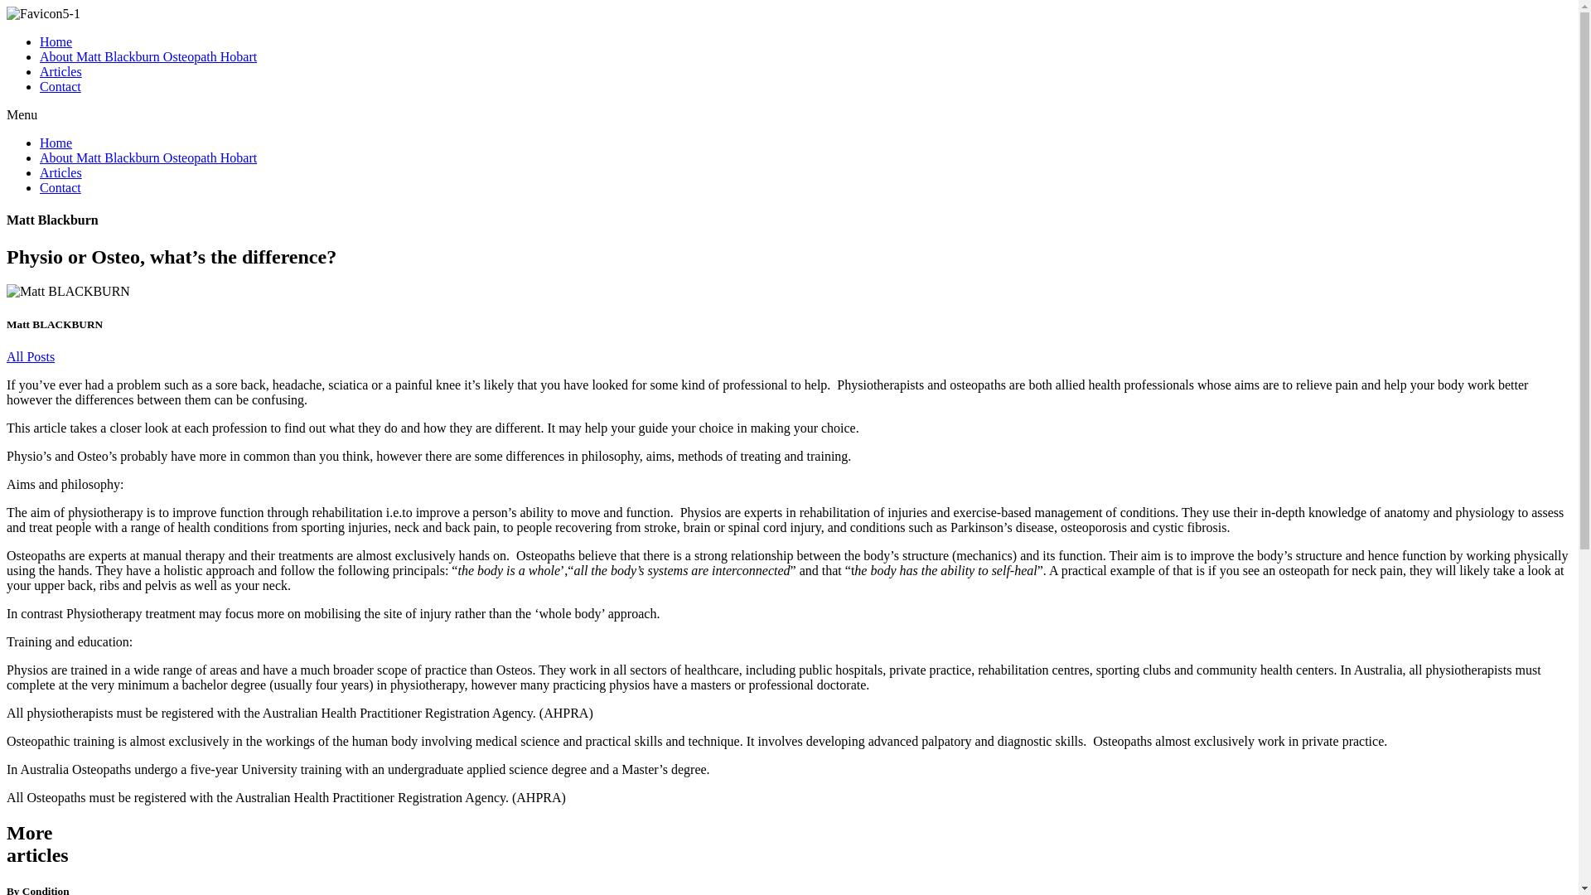  I want to click on 'Home', so click(56, 41).